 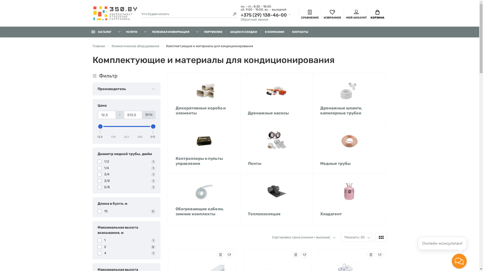 I want to click on '2, so click(x=98, y=246).